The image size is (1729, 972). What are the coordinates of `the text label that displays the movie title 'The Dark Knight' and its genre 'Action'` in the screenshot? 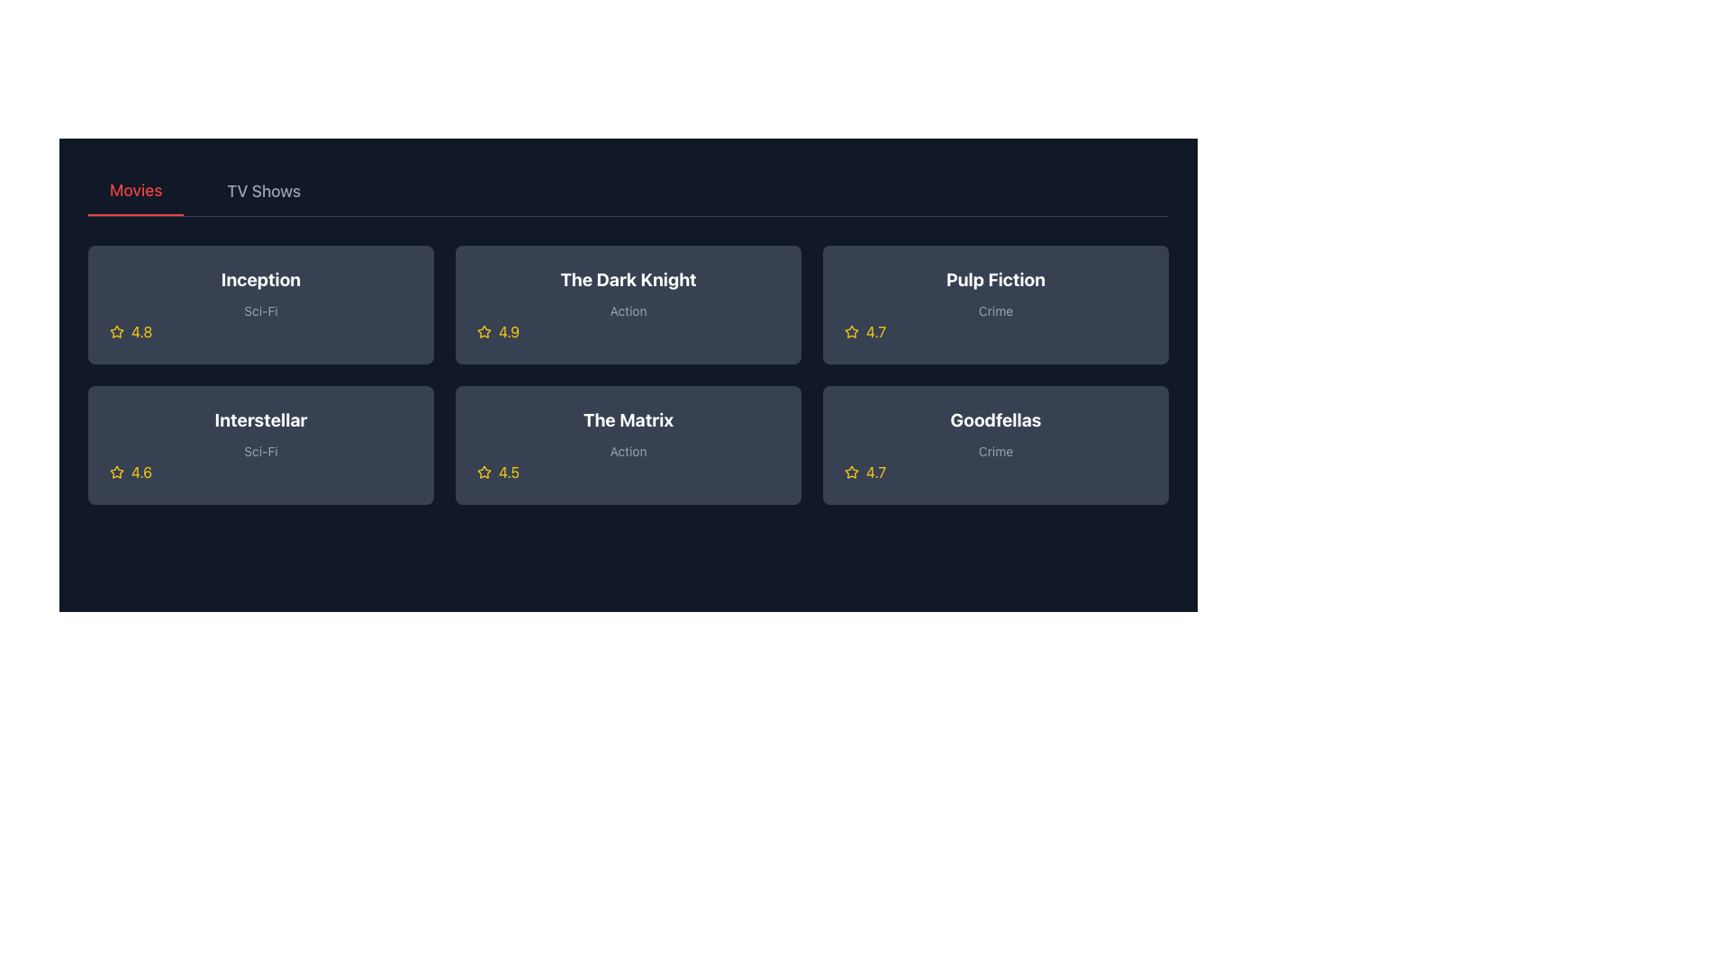 It's located at (628, 293).